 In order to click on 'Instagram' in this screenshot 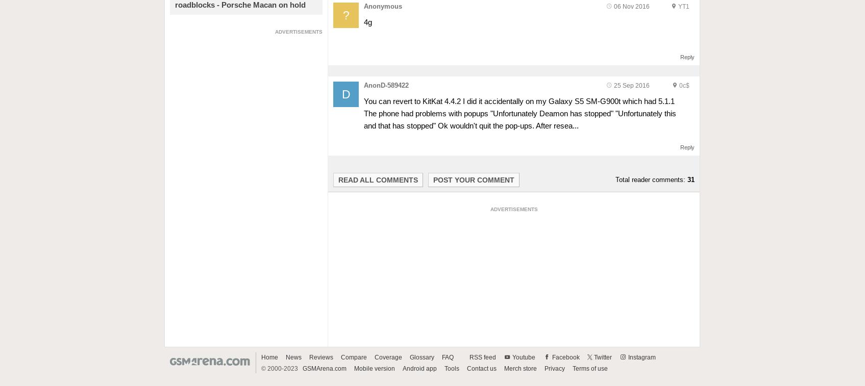, I will do `click(641, 356)`.